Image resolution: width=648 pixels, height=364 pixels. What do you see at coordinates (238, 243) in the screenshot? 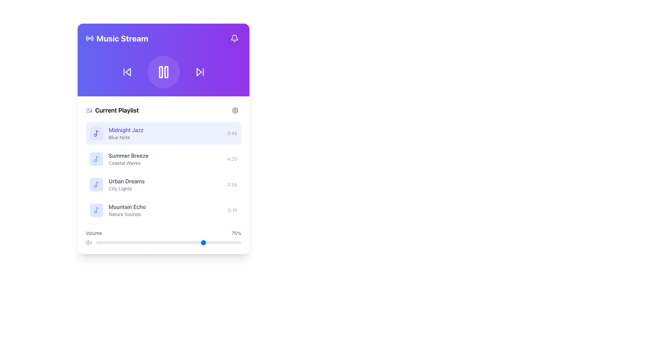
I see `the volume slider` at bounding box center [238, 243].